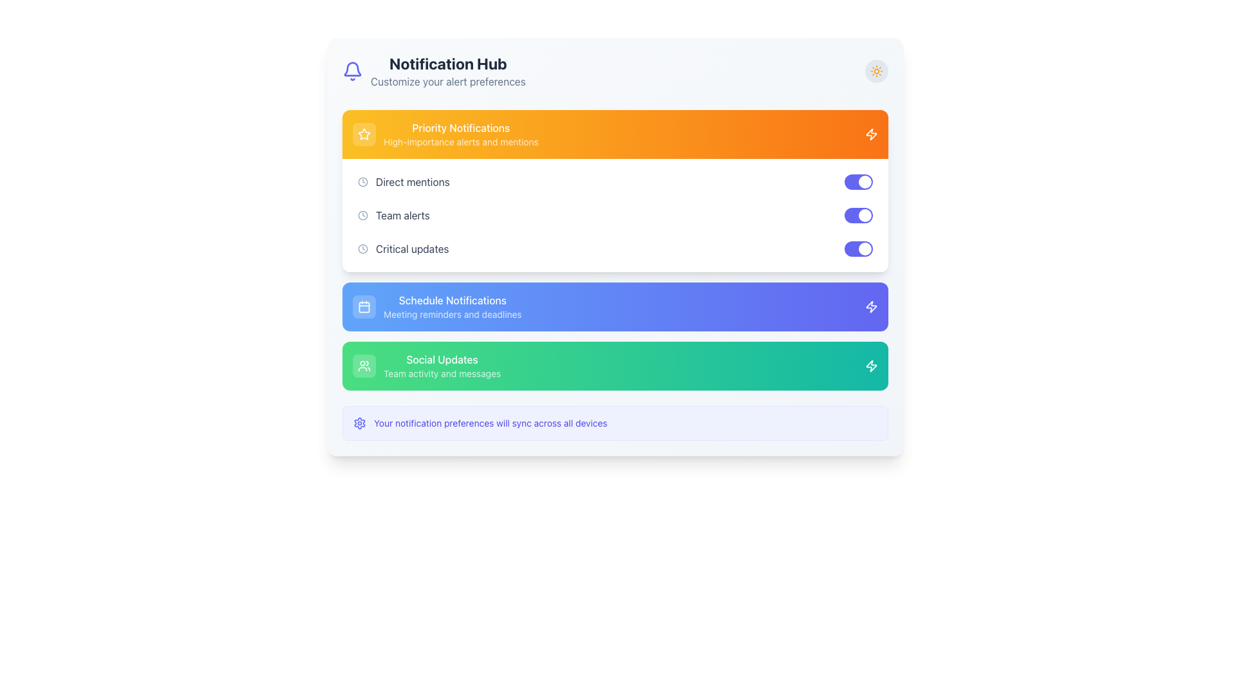 This screenshot has width=1236, height=695. Describe the element at coordinates (393, 215) in the screenshot. I see `the 'Team alerts' notification option, which is the second item in the 'Priority Notifications' section, positioned above 'Critical updates' and below 'Direct mentions'` at that location.